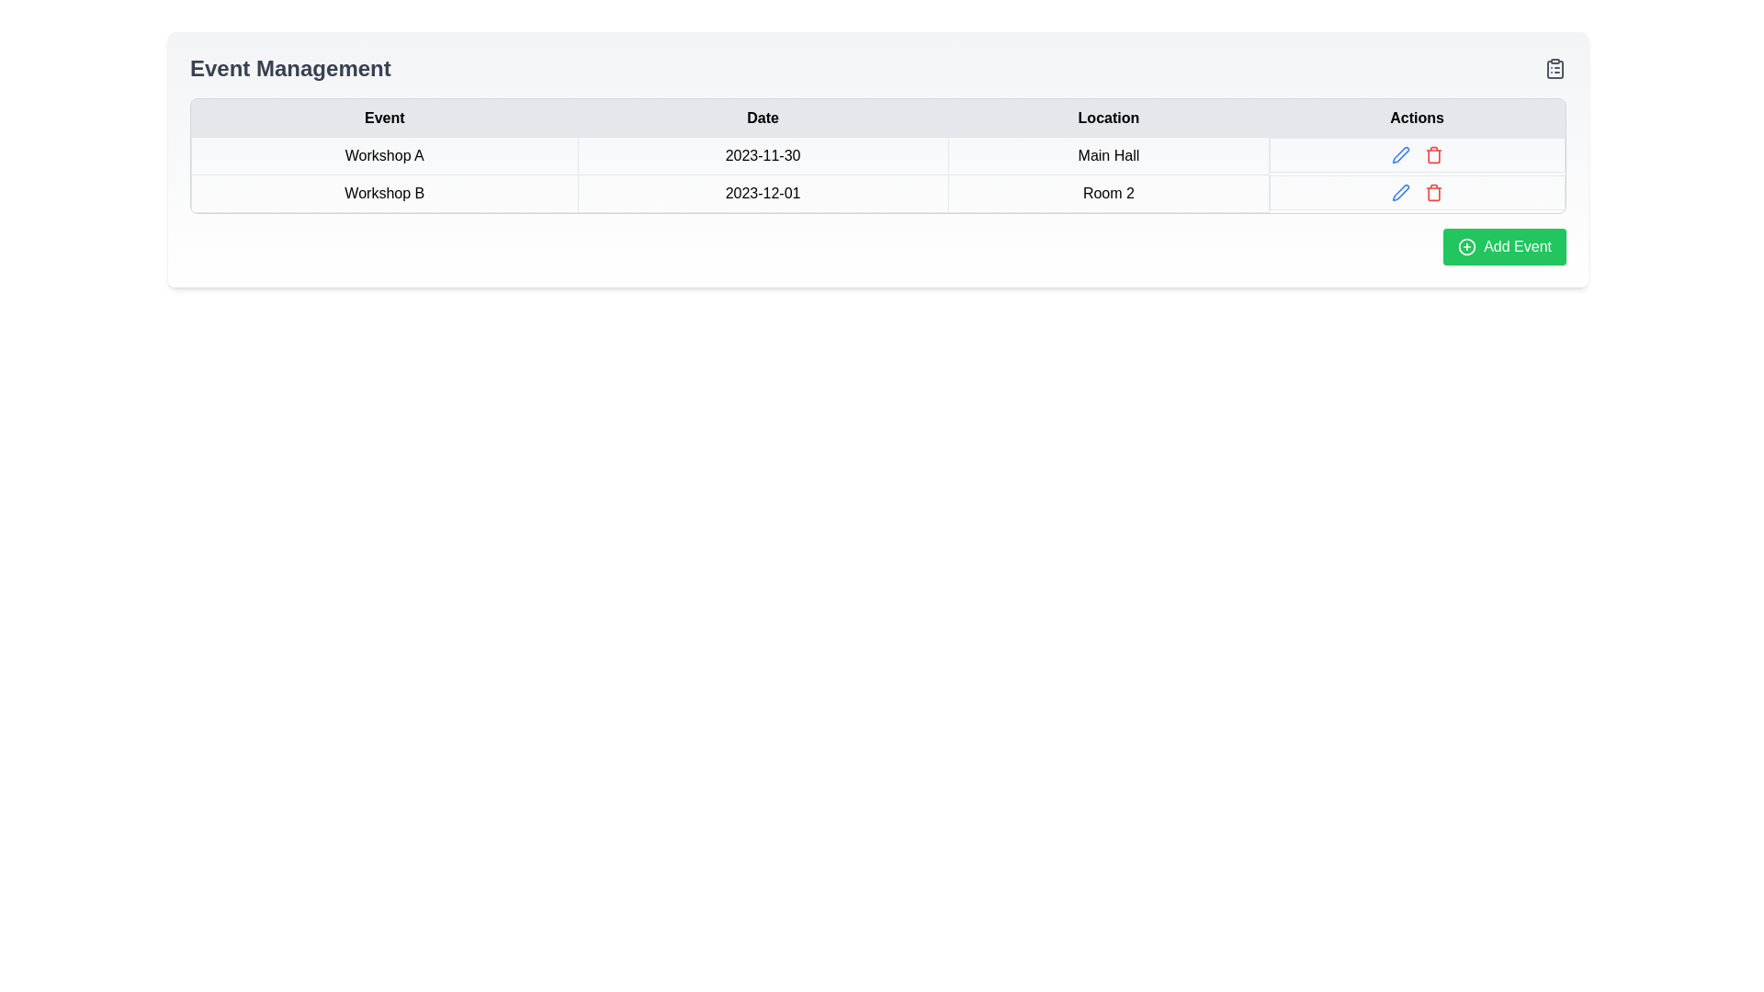 This screenshot has width=1764, height=992. What do you see at coordinates (1466, 246) in the screenshot?
I see `the circular outline SVG graphic component which is part of an icon located to the left of the 'Add Event' button at the bottom right corner of the interface` at bounding box center [1466, 246].